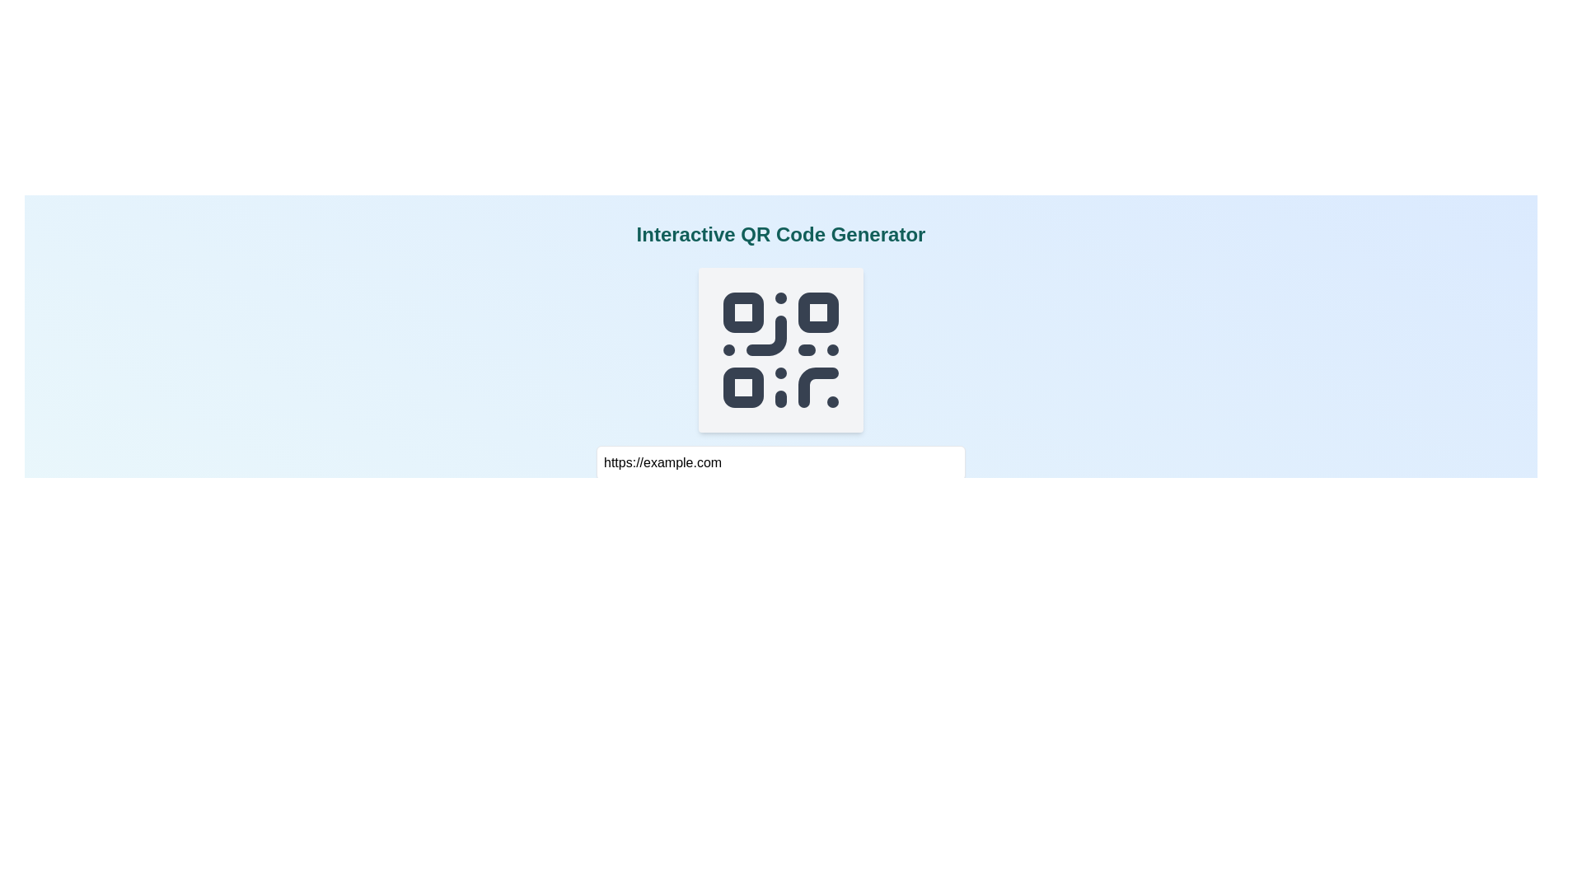 The image size is (1582, 890). What do you see at coordinates (780, 349) in the screenshot?
I see `the centrally positioned QR code icon within the 'Interactive QR Code Generator' section to interact with it` at bounding box center [780, 349].